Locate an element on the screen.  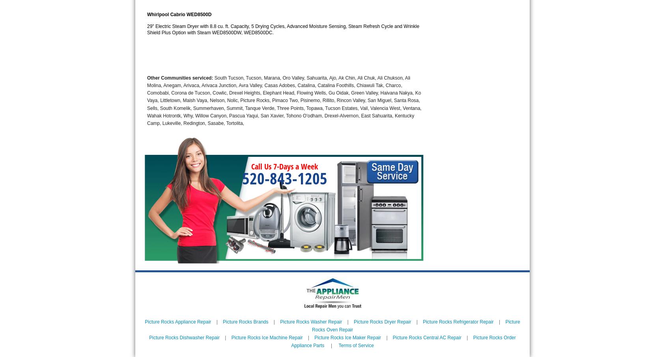
'Picture Rocks Appliance Repair' is located at coordinates (178, 321).